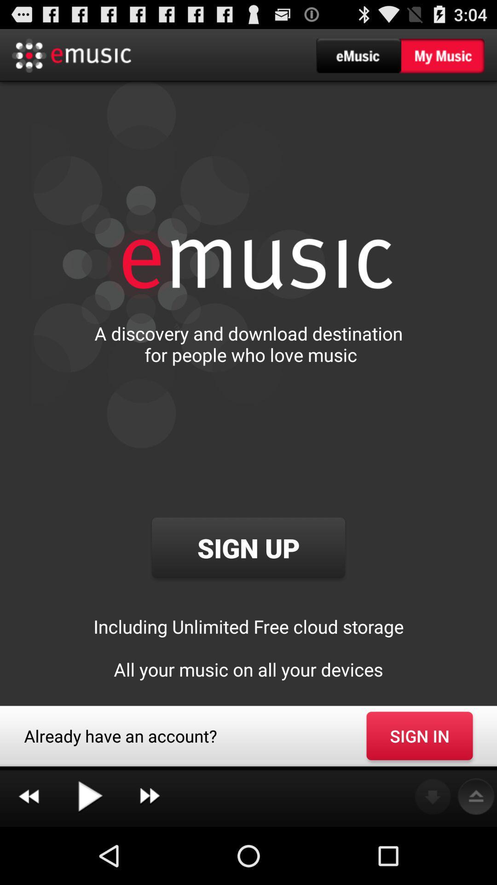 The height and width of the screenshot is (885, 497). Describe the element at coordinates (89, 796) in the screenshot. I see `icon below already have an icon` at that location.